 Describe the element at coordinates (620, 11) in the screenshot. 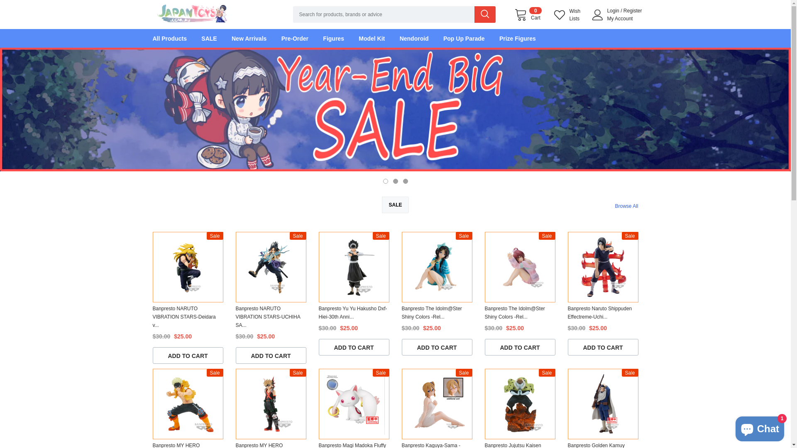

I see `'/'` at that location.